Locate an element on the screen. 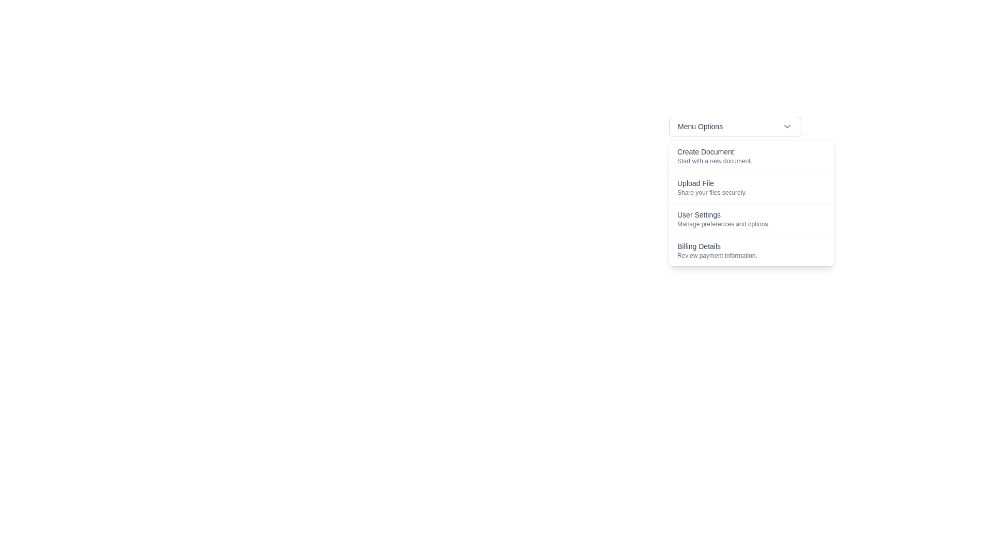 Image resolution: width=992 pixels, height=558 pixels. the downward-pointing chevron icon next to the 'Menu Options' button is located at coordinates (786, 126).